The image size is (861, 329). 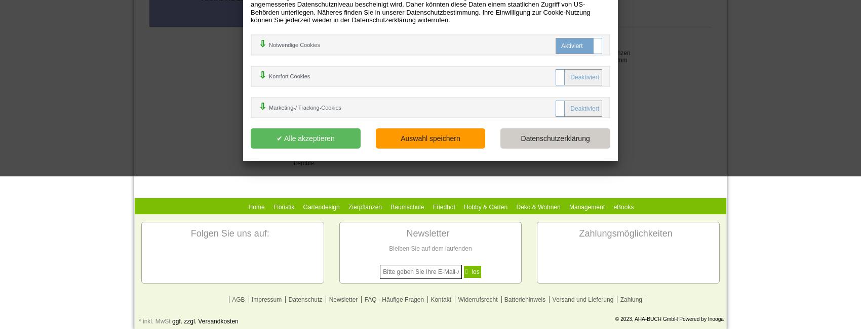 I want to click on 'ISBN-13:', so click(x=306, y=37).